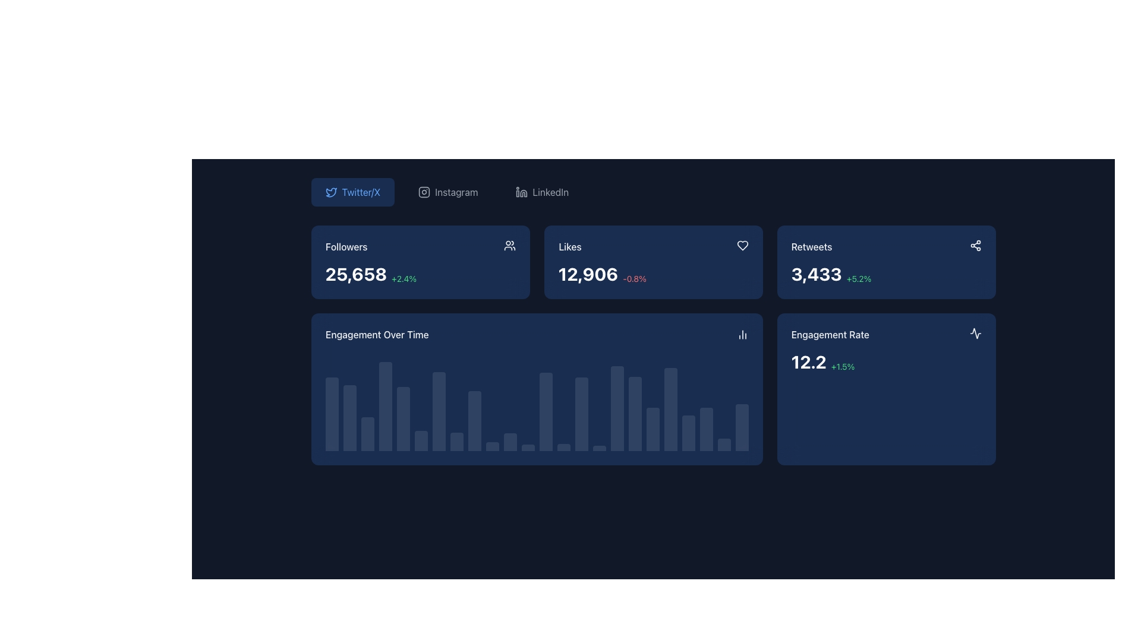 The image size is (1141, 641). What do you see at coordinates (545, 411) in the screenshot?
I see `the 13th bar in the bar chart beneath the 'Engagement Over Time' title` at bounding box center [545, 411].